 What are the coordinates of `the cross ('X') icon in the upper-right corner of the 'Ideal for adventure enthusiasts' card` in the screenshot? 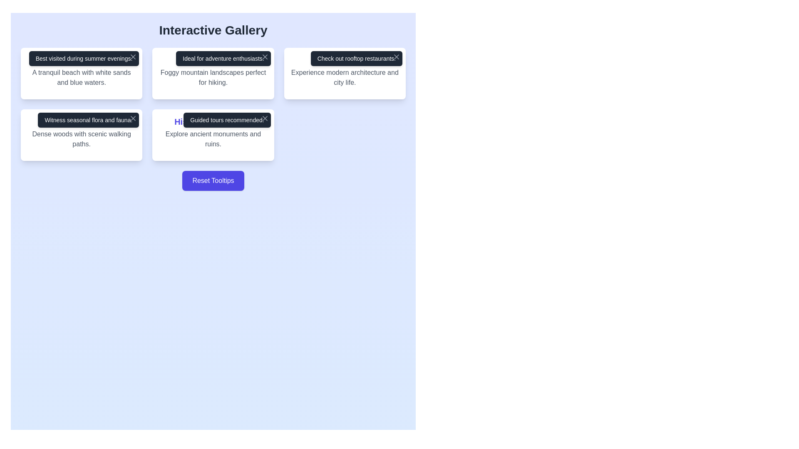 It's located at (264, 57).